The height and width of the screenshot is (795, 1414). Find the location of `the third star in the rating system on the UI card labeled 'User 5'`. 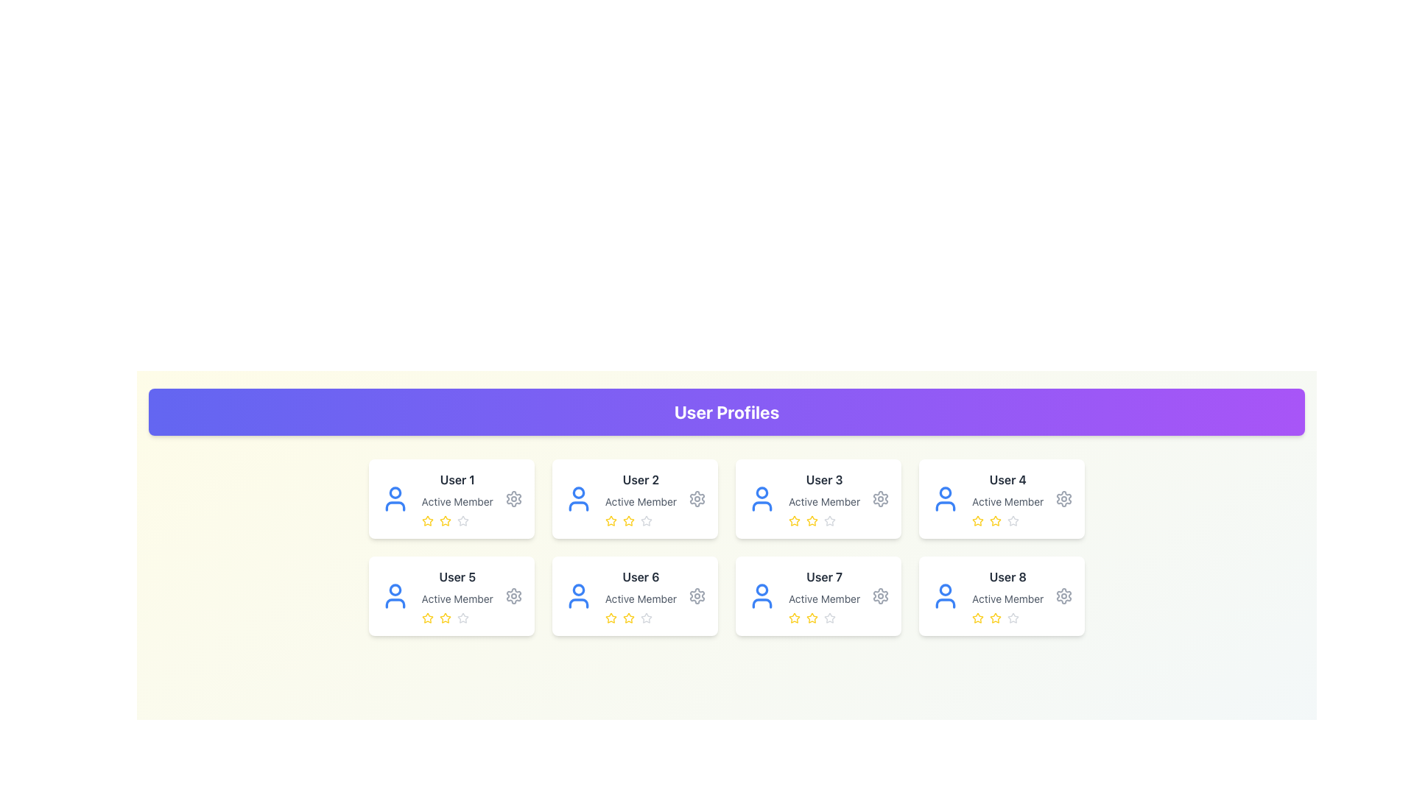

the third star in the rating system on the UI card labeled 'User 5' is located at coordinates (444, 618).